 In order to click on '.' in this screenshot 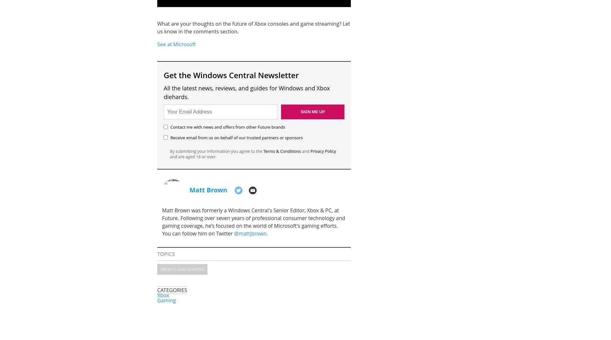, I will do `click(267, 233)`.